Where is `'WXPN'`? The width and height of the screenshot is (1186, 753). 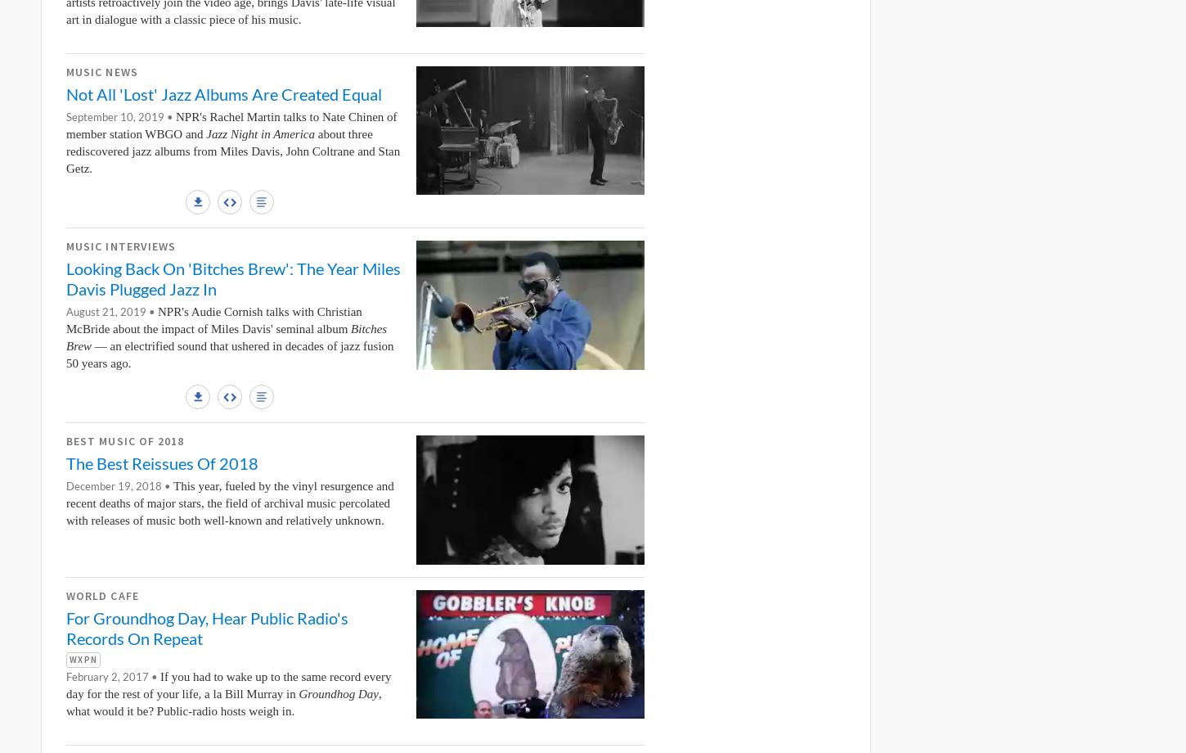 'WXPN' is located at coordinates (83, 659).